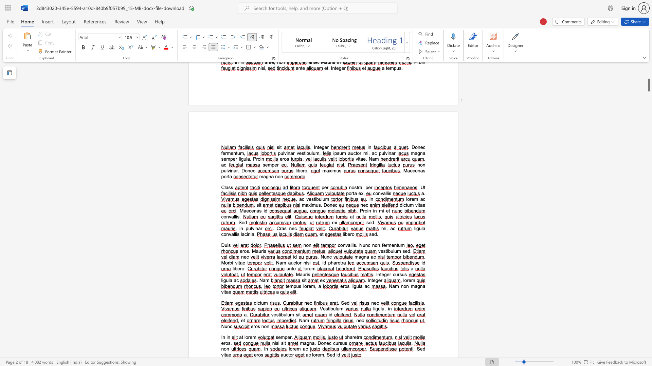  What do you see at coordinates (339, 354) in the screenshot?
I see `the 2th character "d" in the text` at bounding box center [339, 354].